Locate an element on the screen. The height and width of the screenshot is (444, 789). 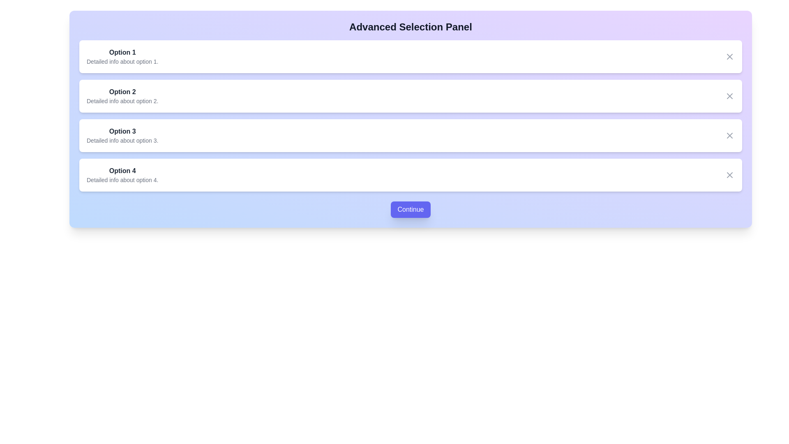
the static text label for the fourth option in the selection panel, which is located above the description text 'Detailed info about option 4.' is located at coordinates (122, 171).